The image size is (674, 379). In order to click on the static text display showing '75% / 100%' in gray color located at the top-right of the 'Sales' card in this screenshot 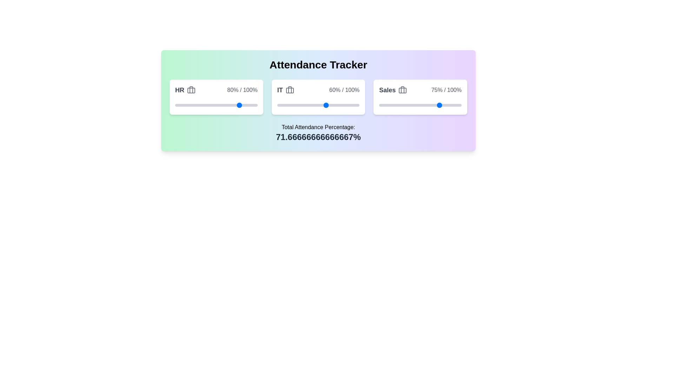, I will do `click(446, 90)`.